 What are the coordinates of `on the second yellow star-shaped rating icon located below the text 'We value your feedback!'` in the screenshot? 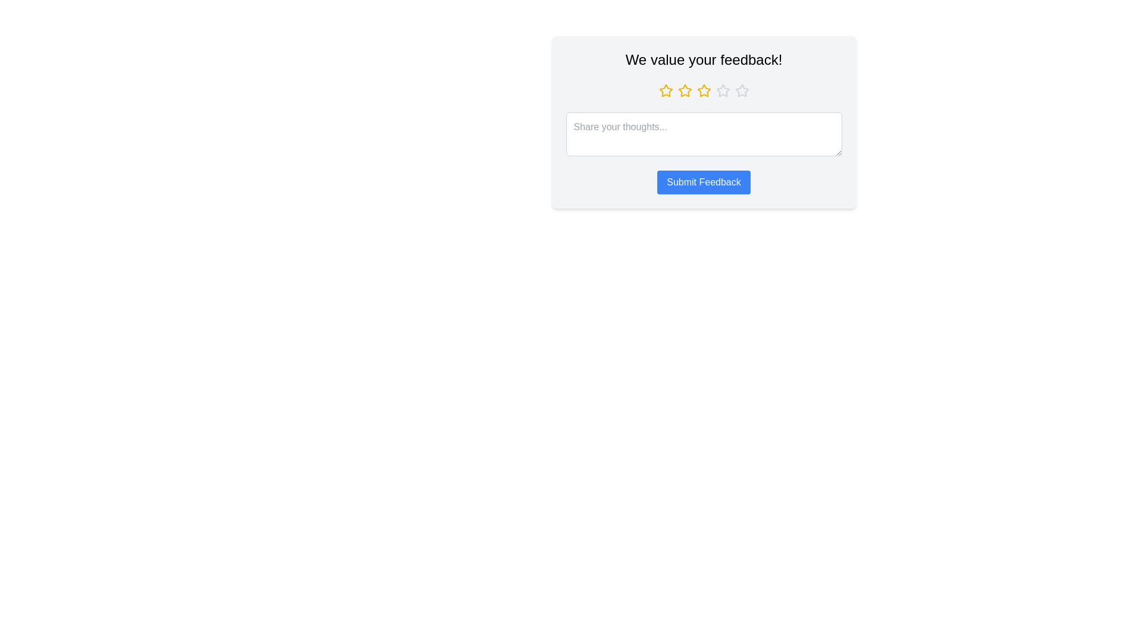 It's located at (685, 89).